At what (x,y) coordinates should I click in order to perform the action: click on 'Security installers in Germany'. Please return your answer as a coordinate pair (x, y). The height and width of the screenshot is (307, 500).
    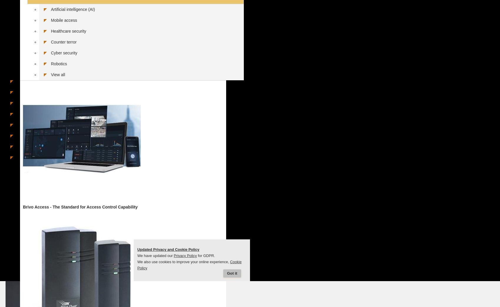
    Looking at the image, I should click on (44, 113).